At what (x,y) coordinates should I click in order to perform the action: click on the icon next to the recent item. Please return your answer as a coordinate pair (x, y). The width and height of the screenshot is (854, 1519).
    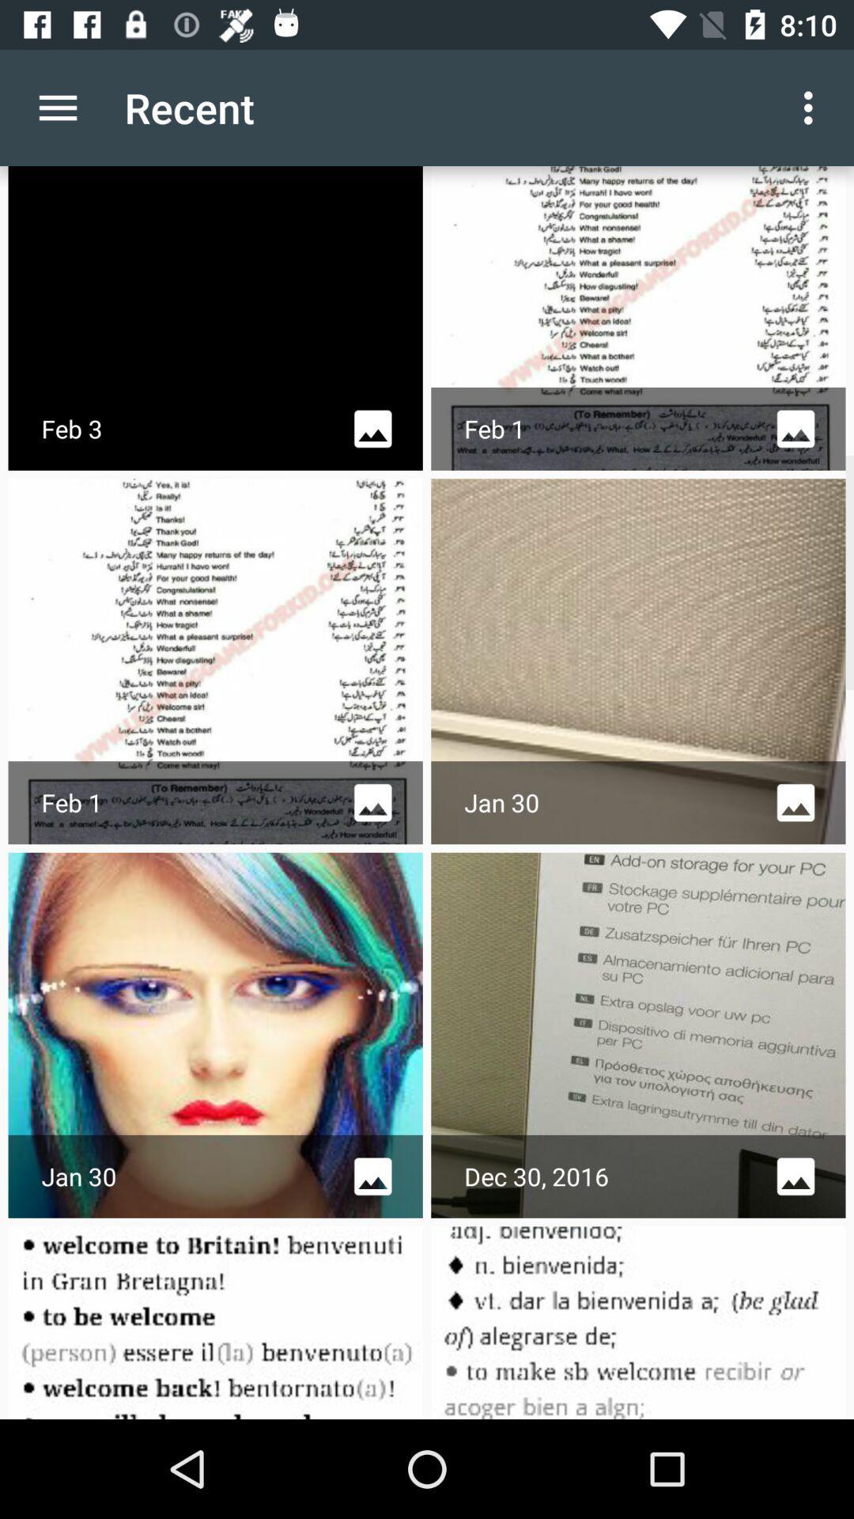
    Looking at the image, I should click on (57, 107).